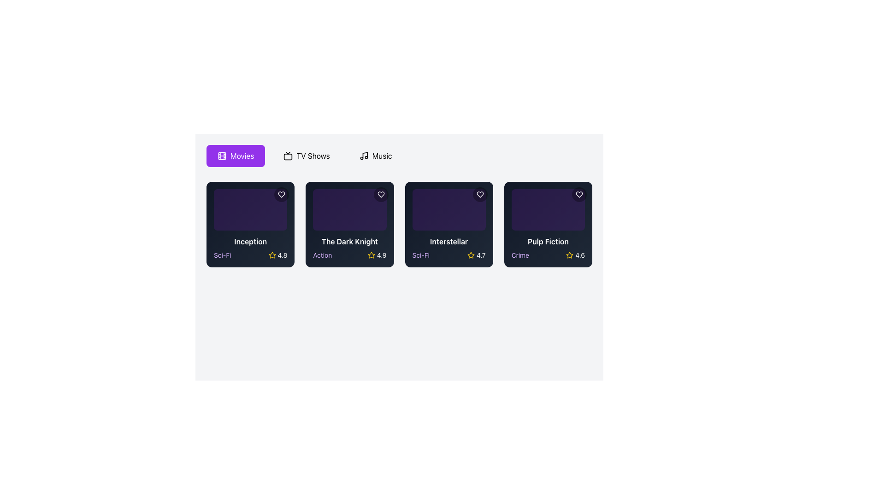 This screenshot has height=497, width=885. I want to click on the favorite button for the movie 'The Dark Knight' located at the top-right corner of its card, so click(381, 194).